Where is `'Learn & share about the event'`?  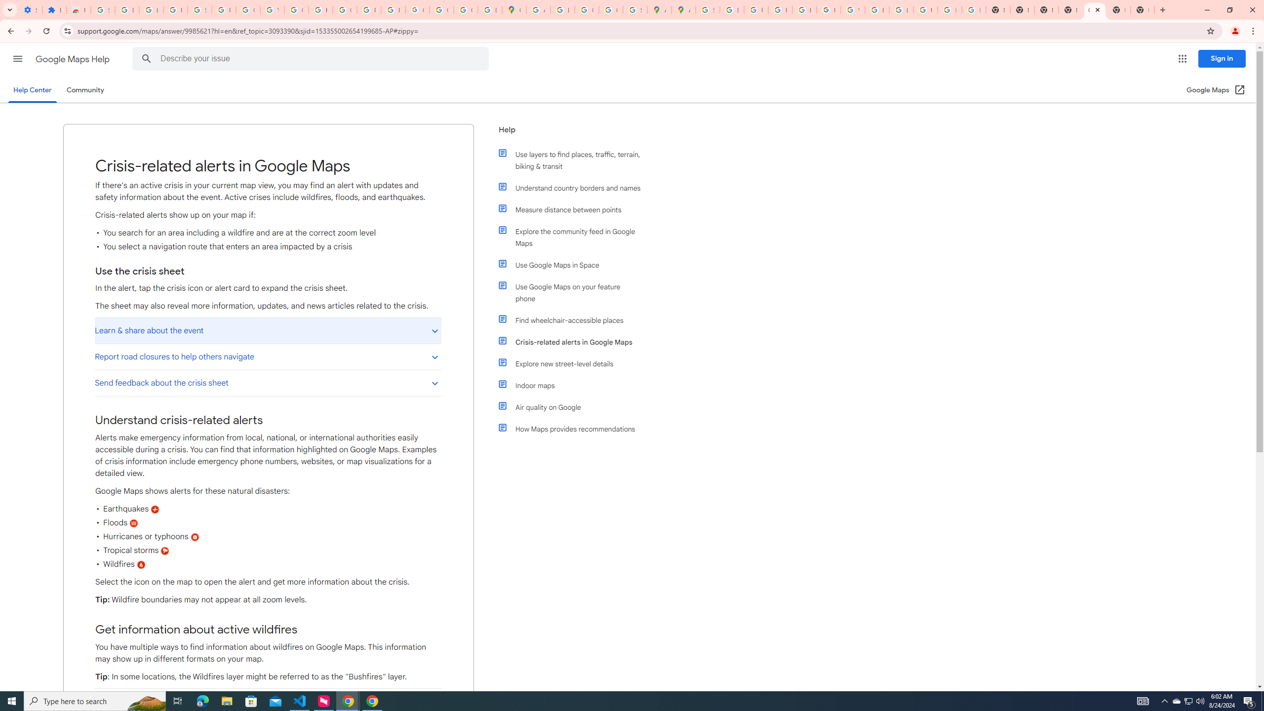 'Learn & share about the event' is located at coordinates (268, 330).